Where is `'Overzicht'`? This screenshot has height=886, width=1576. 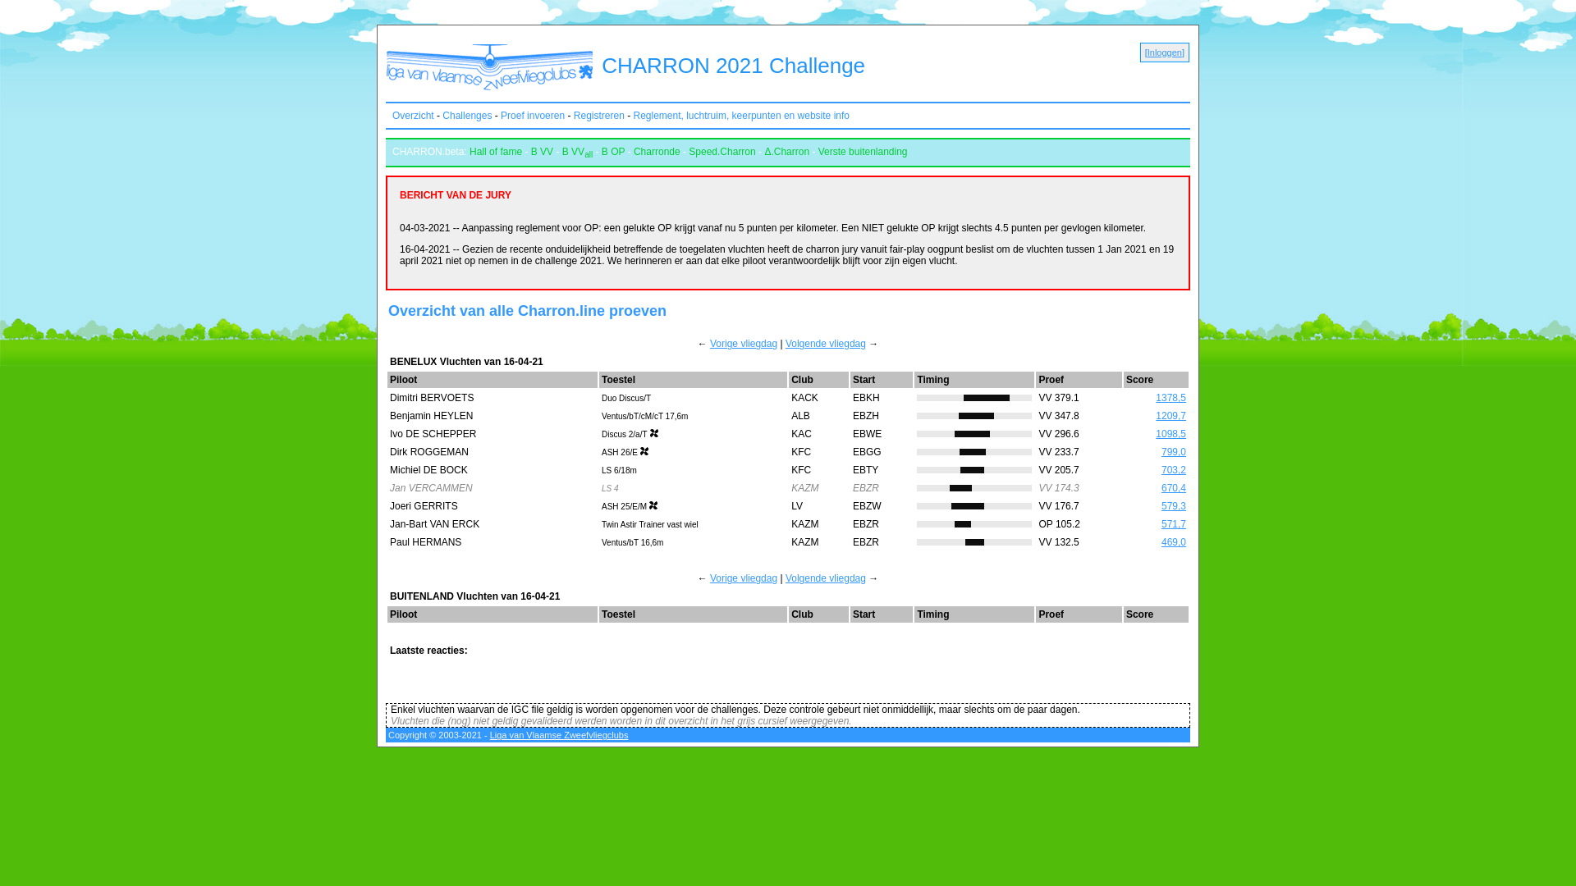
'Overzicht' is located at coordinates (413, 115).